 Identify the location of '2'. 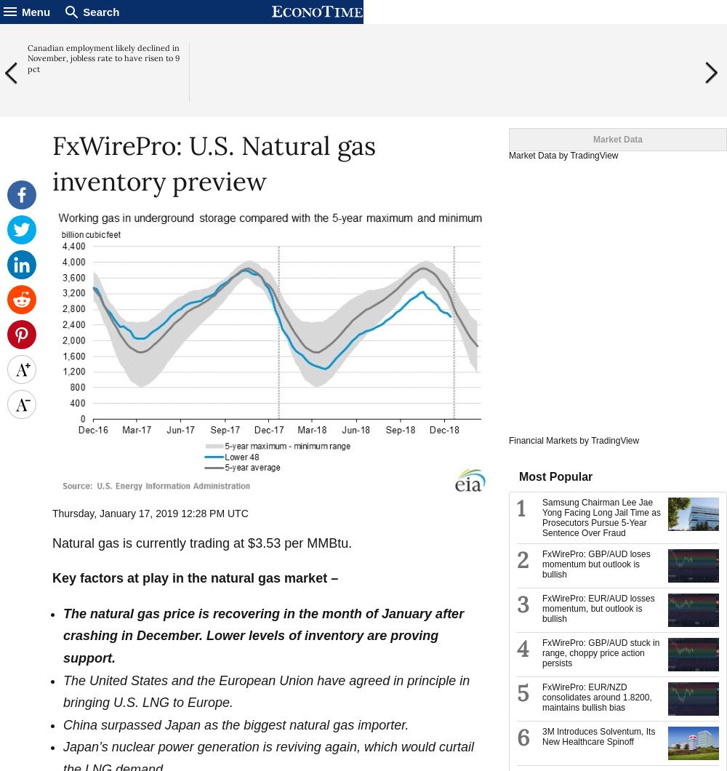
(522, 559).